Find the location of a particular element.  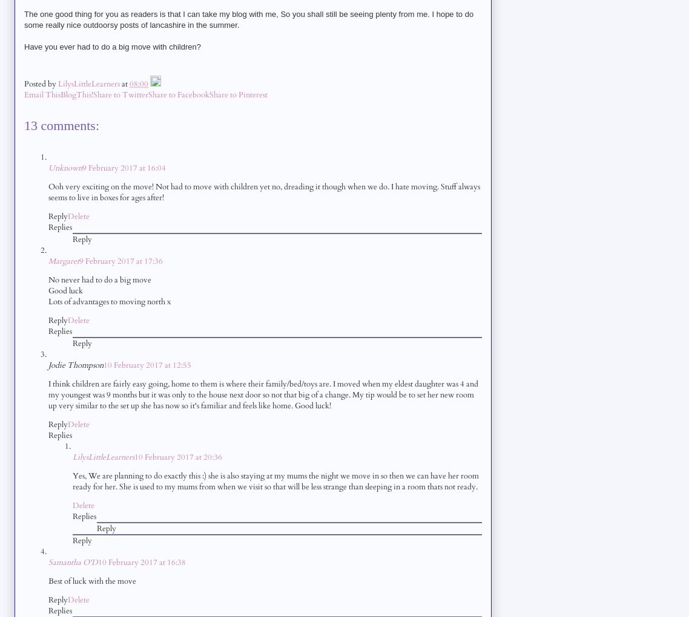

'Posted by' is located at coordinates (41, 84).